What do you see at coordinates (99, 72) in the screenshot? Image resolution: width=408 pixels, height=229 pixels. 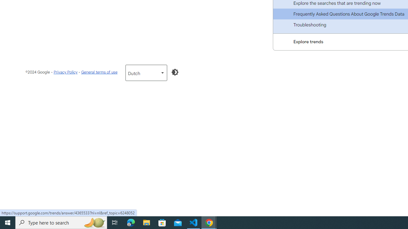 I see `'General terms of use'` at bounding box center [99, 72].